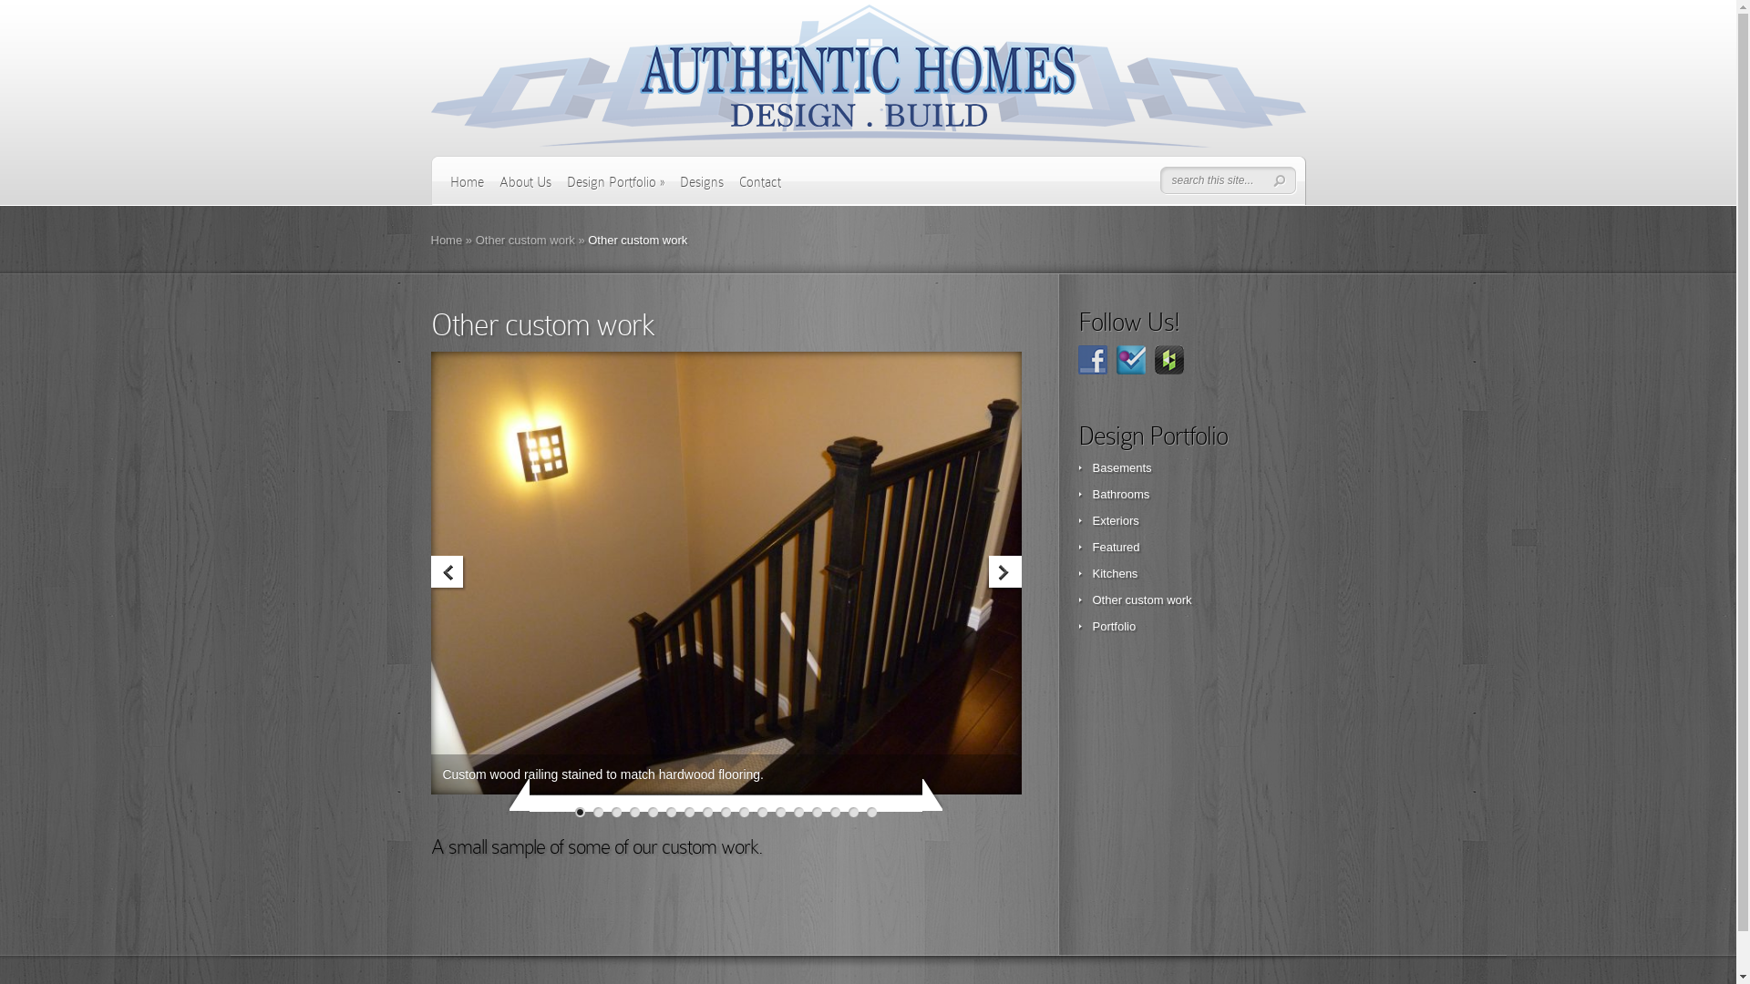  Describe the element at coordinates (1120, 466) in the screenshot. I see `'Basements'` at that location.